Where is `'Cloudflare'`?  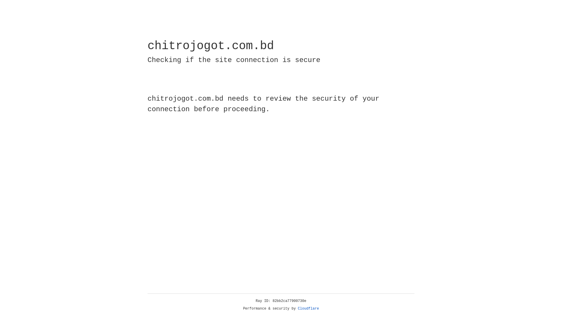 'Cloudflare' is located at coordinates (308, 308).